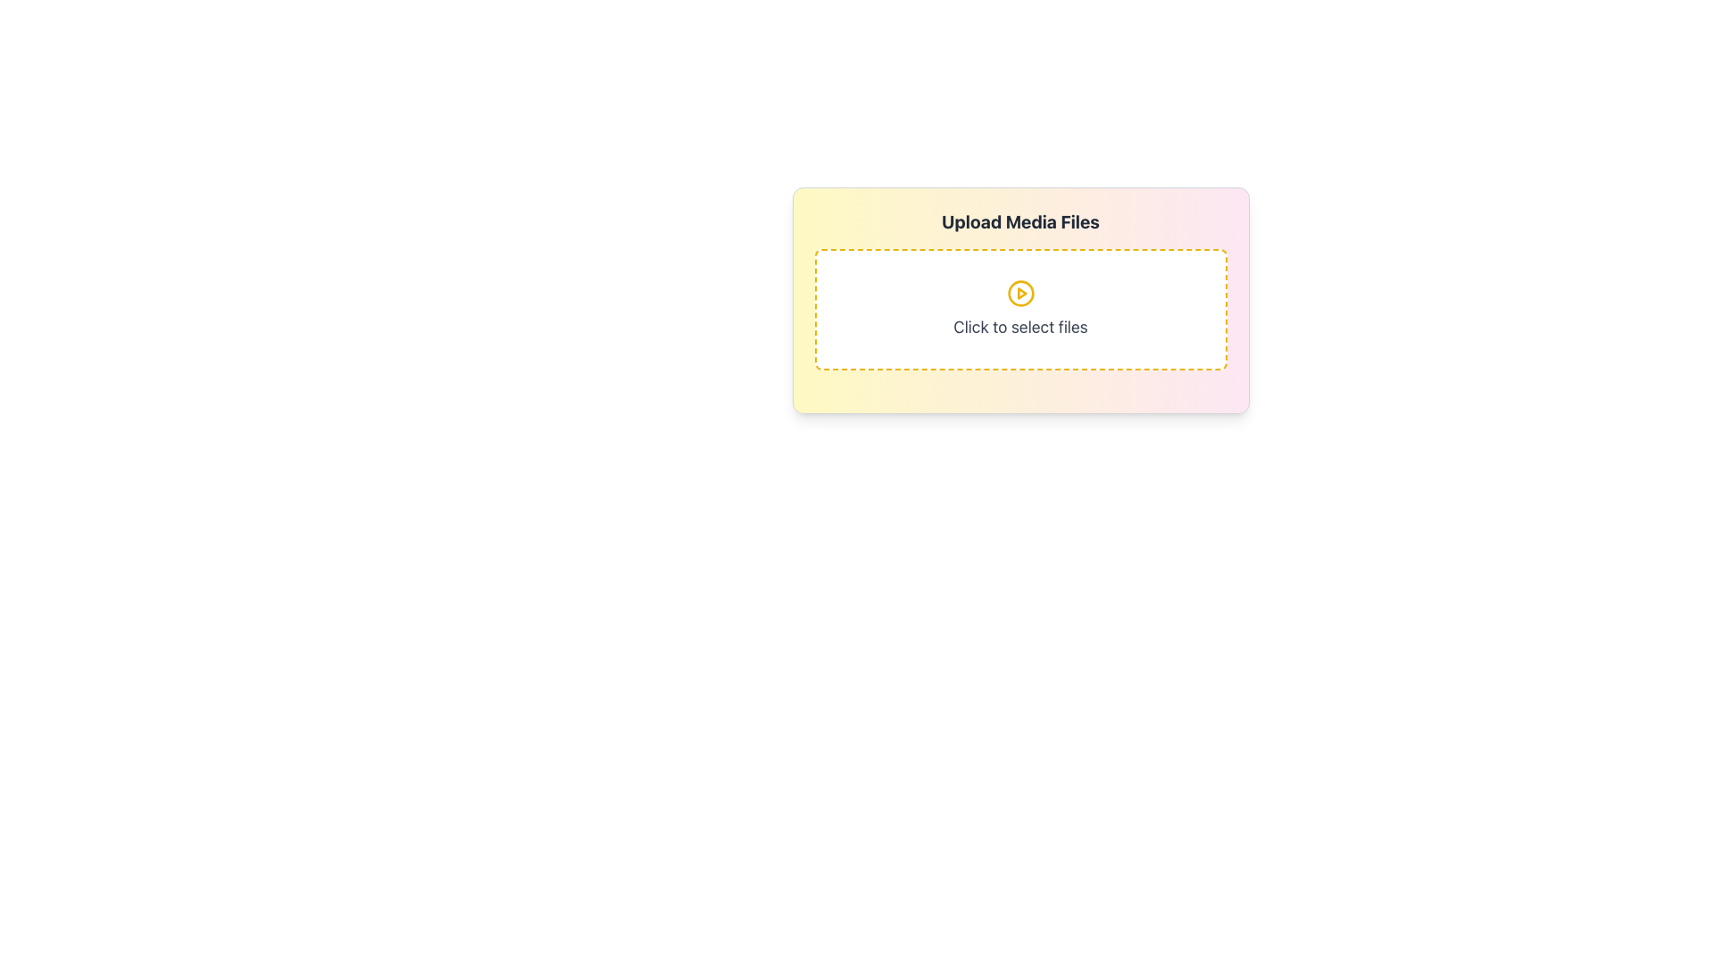 The height and width of the screenshot is (964, 1714). What do you see at coordinates (1020, 309) in the screenshot?
I see `the clickable upload area with a dashed yellow border and a white background, which contains a yellow play button icon and the text 'Click` at bounding box center [1020, 309].